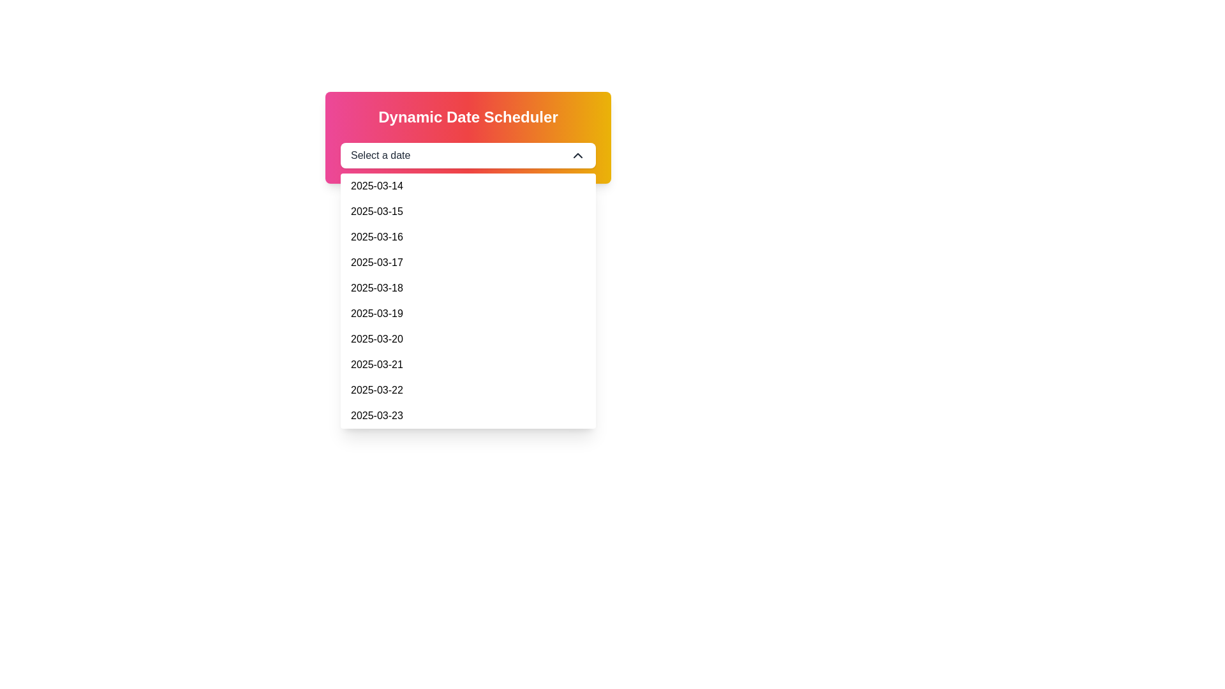 The height and width of the screenshot is (689, 1225). What do you see at coordinates (468, 364) in the screenshot?
I see `the list item displaying the date '2025-03-21'` at bounding box center [468, 364].